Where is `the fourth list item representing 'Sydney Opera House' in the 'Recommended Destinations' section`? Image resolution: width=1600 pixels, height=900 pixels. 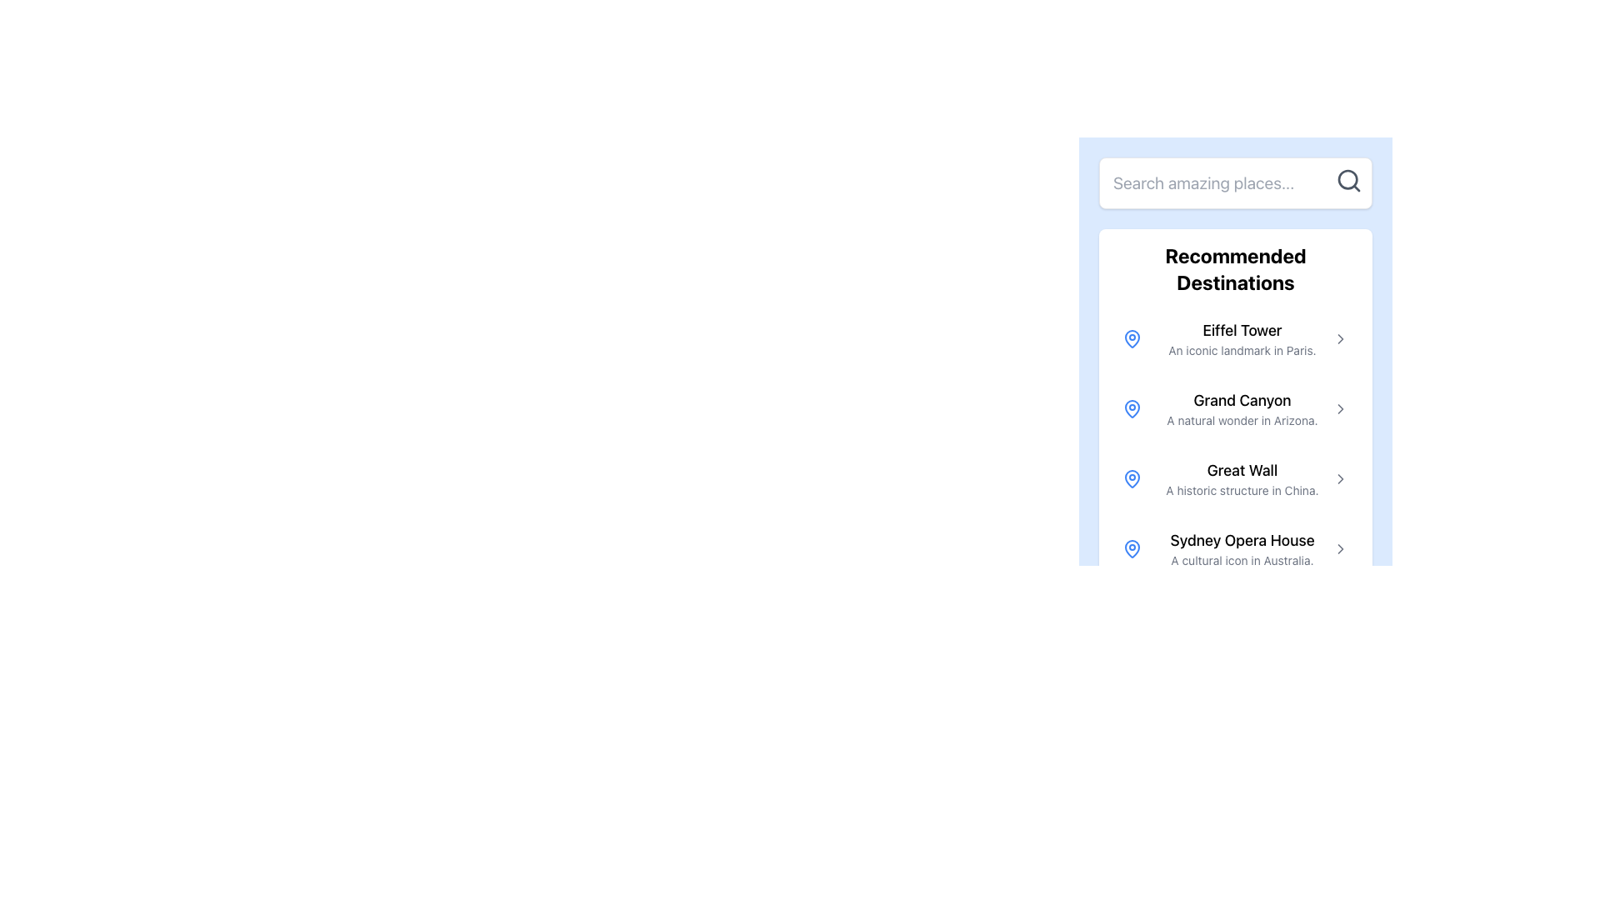
the fourth list item representing 'Sydney Opera House' in the 'Recommended Destinations' section is located at coordinates (1236, 549).